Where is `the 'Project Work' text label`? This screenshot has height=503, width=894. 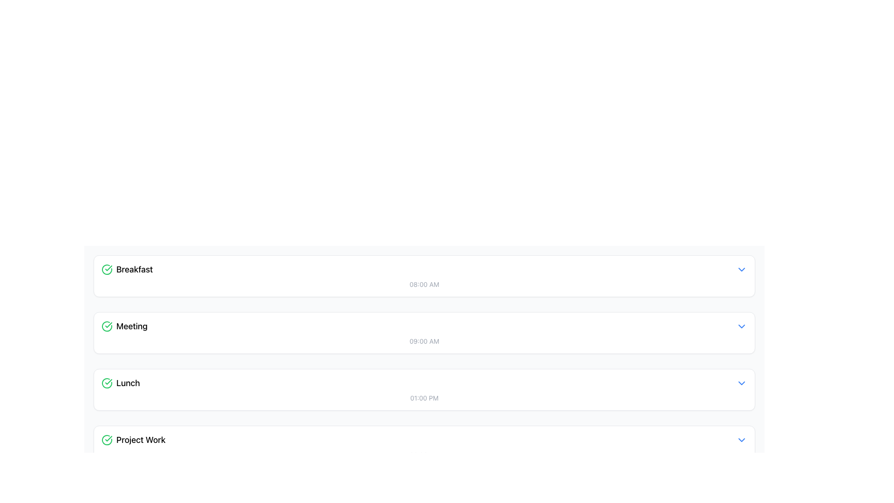
the 'Project Work' text label is located at coordinates (140, 440).